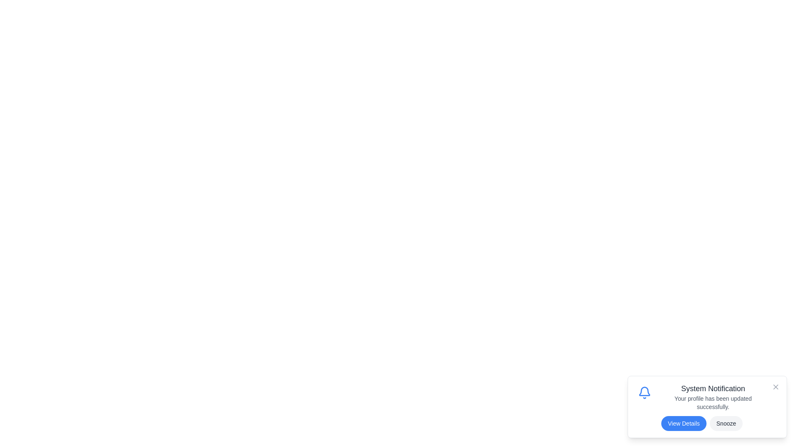 This screenshot has height=448, width=797. Describe the element at coordinates (713, 402) in the screenshot. I see `confirmation message text label that informs the user about the successful update of their profile, which is located centrally within the notification card, below the title 'System Notification'` at that location.